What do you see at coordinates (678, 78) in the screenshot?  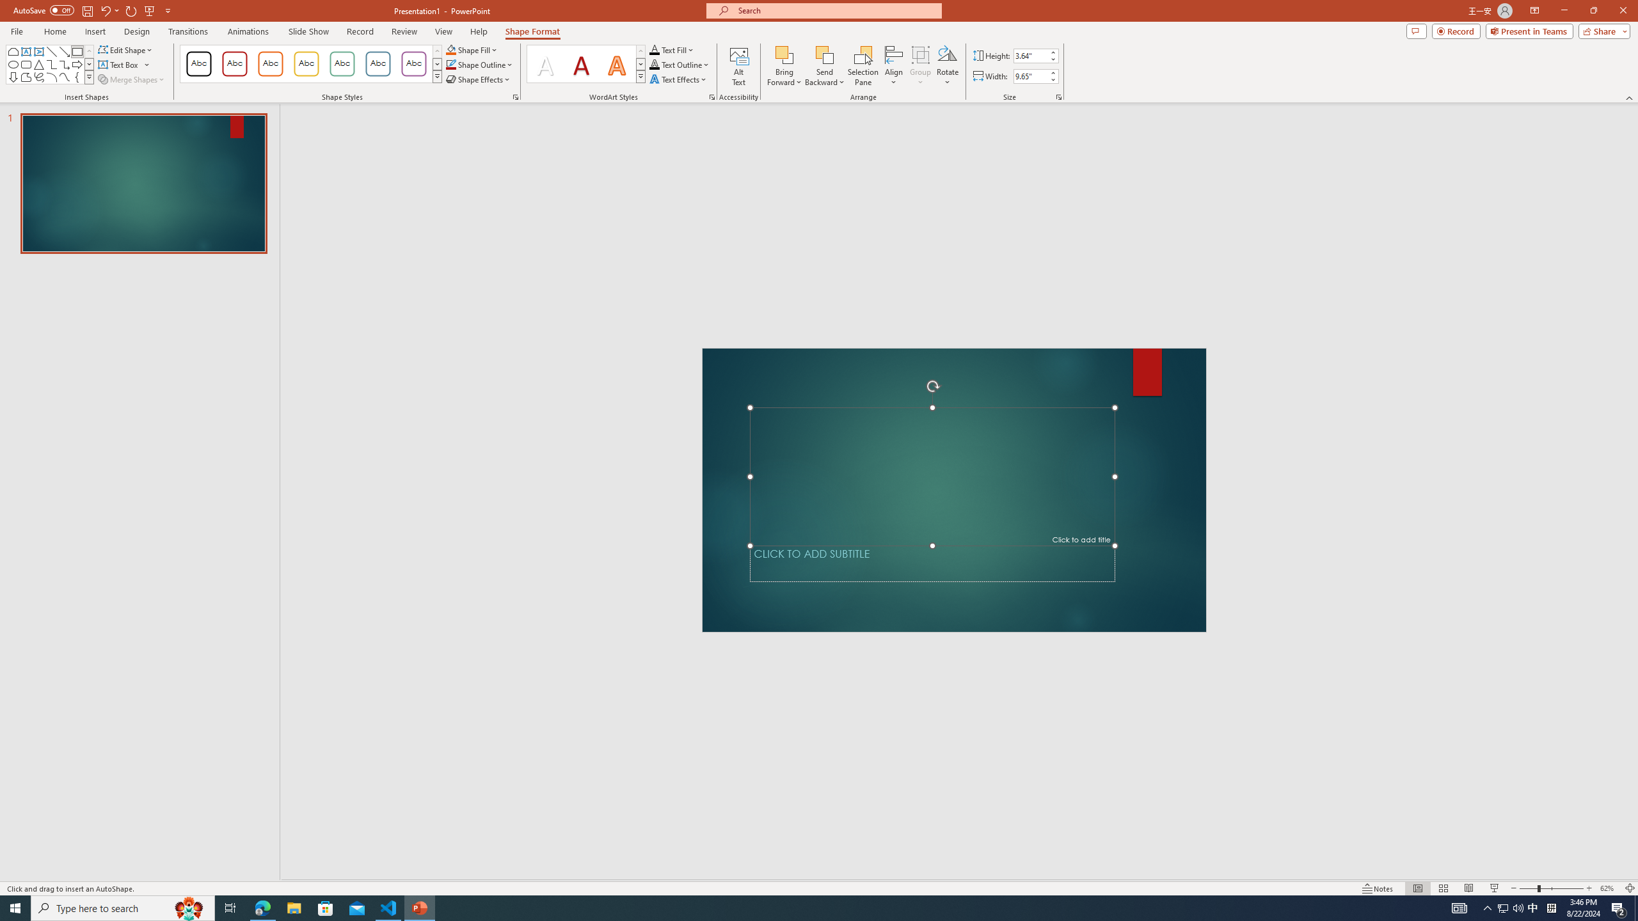 I see `'Text Effects'` at bounding box center [678, 78].